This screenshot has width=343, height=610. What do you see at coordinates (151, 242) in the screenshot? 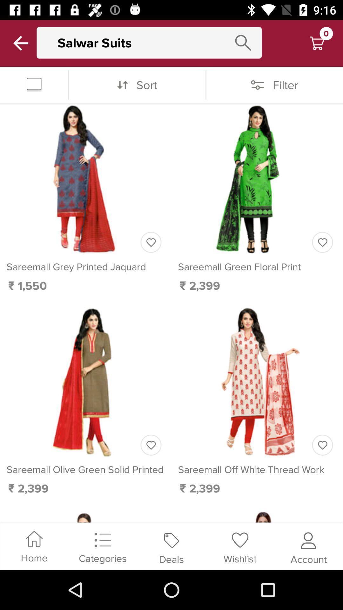
I see `like` at bounding box center [151, 242].